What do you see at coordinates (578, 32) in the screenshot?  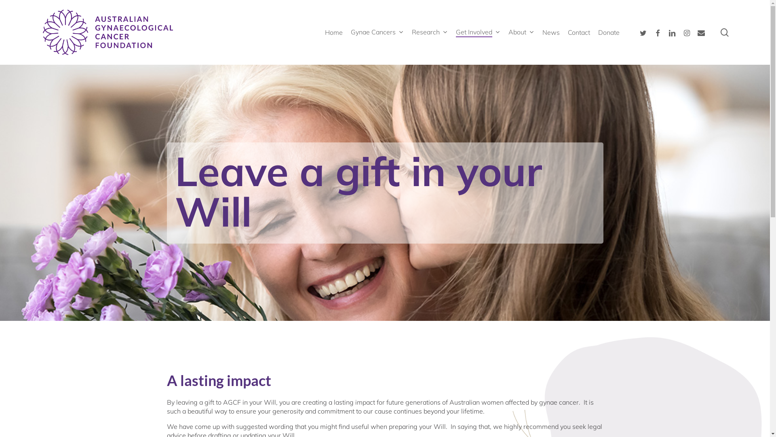 I see `'Contact'` at bounding box center [578, 32].